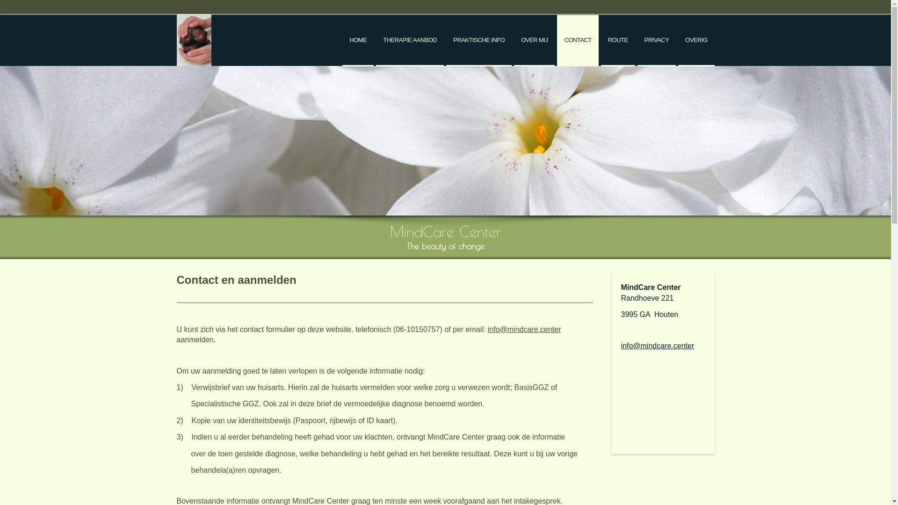 This screenshot has width=898, height=505. Describe the element at coordinates (618, 40) in the screenshot. I see `'ROUTE'` at that location.